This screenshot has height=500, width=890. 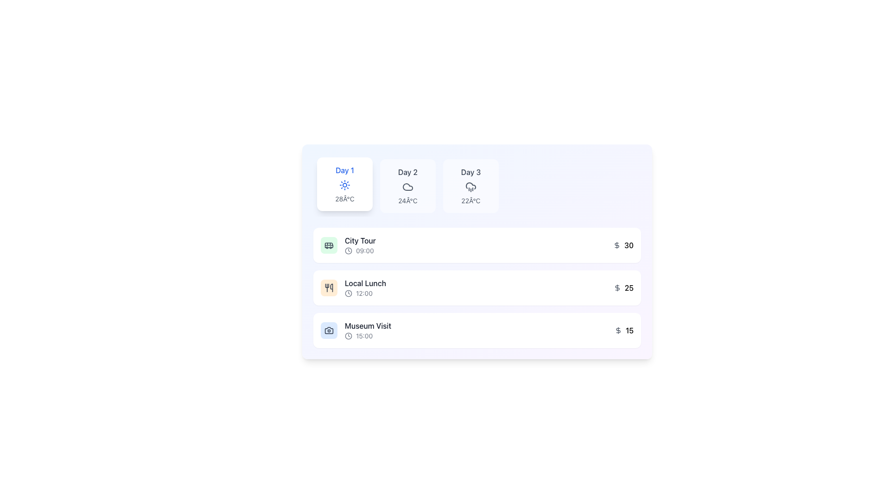 I want to click on the clock icon located to the left of the '09:00' text in the middle row of the 'City Tour' schedule, so click(x=348, y=251).